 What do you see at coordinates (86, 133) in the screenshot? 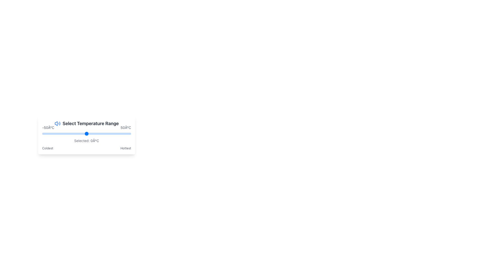
I see `the temperature slider` at bounding box center [86, 133].